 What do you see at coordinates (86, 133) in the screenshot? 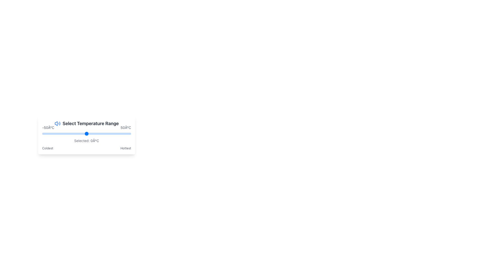
I see `the temperature slider` at bounding box center [86, 133].